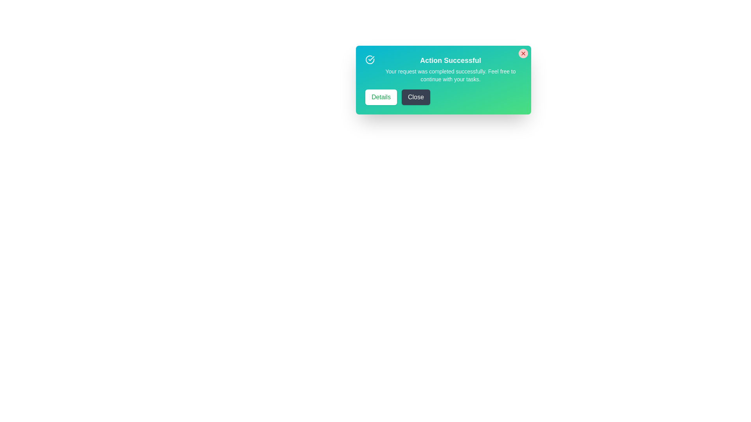 This screenshot has width=751, height=422. Describe the element at coordinates (415, 97) in the screenshot. I see `the 'Close' button to dismiss the alert` at that location.